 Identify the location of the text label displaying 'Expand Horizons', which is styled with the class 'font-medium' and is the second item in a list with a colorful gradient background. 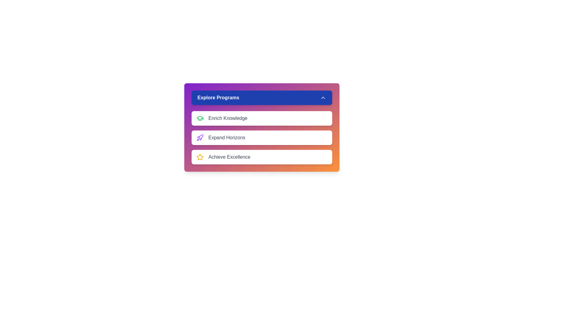
(226, 138).